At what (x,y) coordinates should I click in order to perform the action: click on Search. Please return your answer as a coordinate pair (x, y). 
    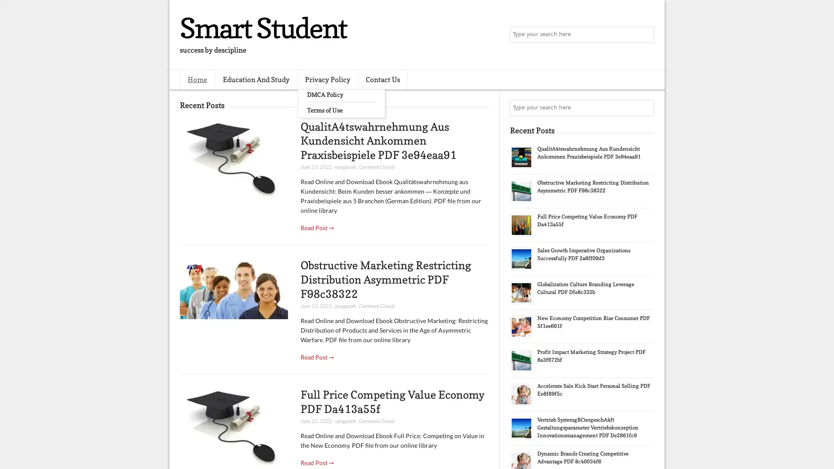
    Looking at the image, I should click on (645, 35).